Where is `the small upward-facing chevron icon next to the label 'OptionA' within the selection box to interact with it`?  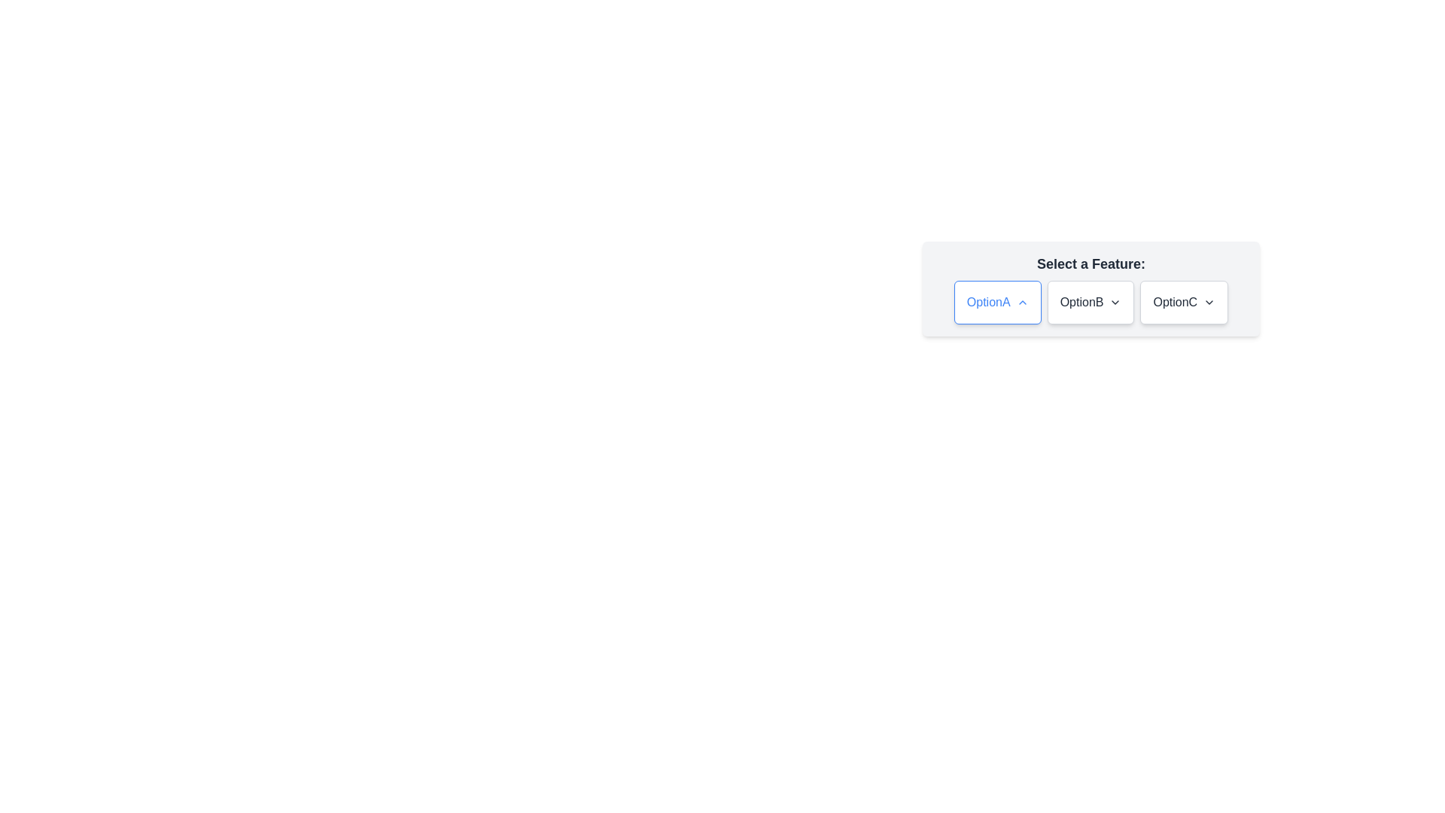
the small upward-facing chevron icon next to the label 'OptionA' within the selection box to interact with it is located at coordinates (1022, 302).